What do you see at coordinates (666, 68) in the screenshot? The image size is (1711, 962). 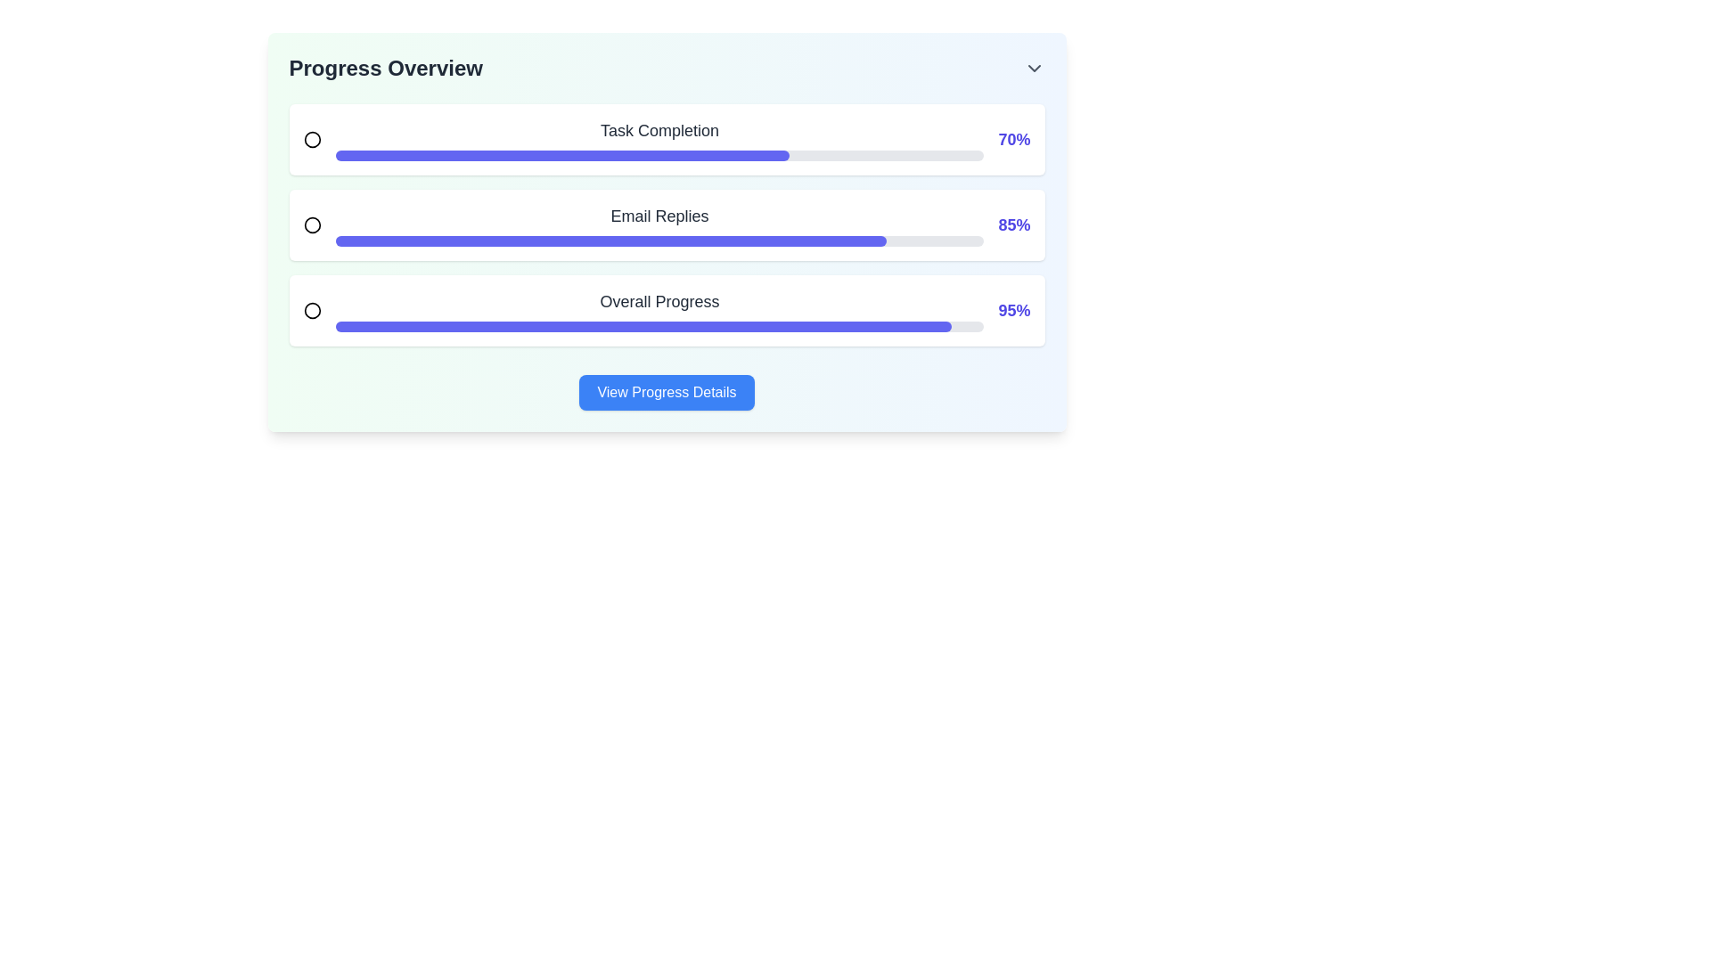 I see `the Title bar which serves as a heading for the related progress section below it, indicated by its left-aligned text and the chevron icon on the right` at bounding box center [666, 68].